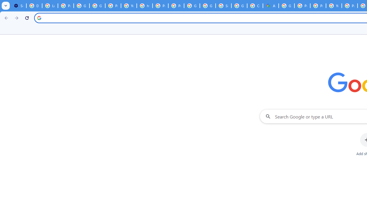 This screenshot has height=206, width=367. I want to click on 'https://scholar.google.com/', so click(145, 6).